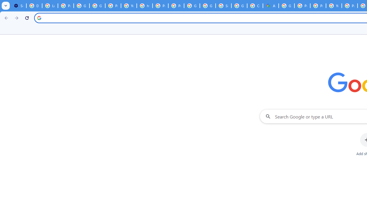 This screenshot has height=206, width=367. I want to click on 'https://scholar.google.com/', so click(145, 6).